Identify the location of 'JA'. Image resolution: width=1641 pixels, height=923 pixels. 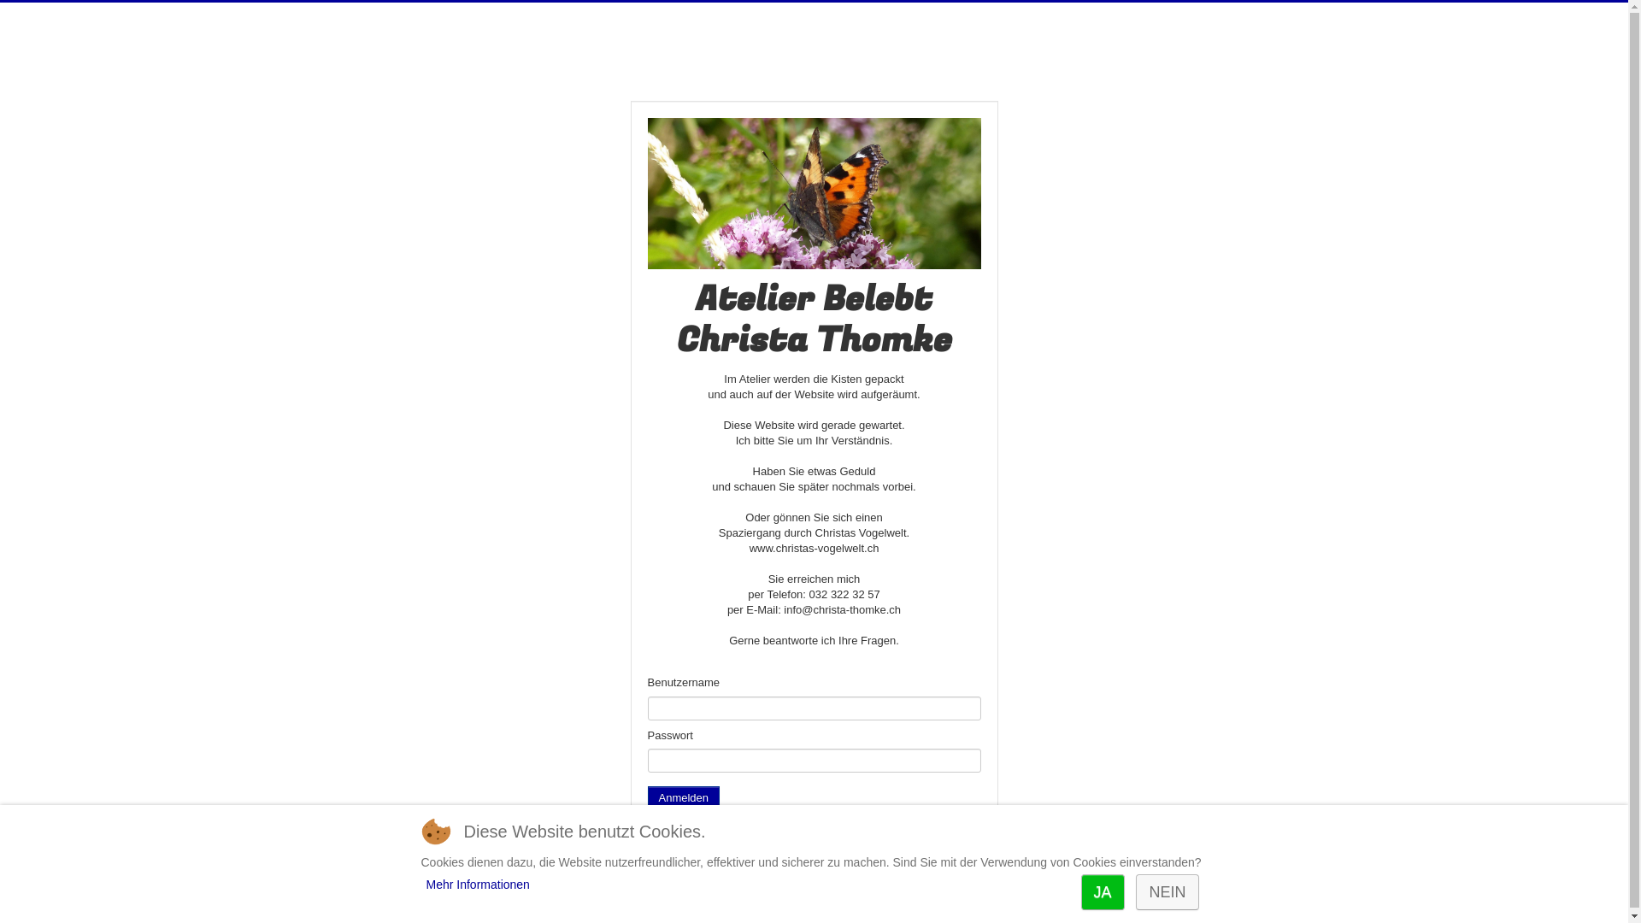
(1103, 891).